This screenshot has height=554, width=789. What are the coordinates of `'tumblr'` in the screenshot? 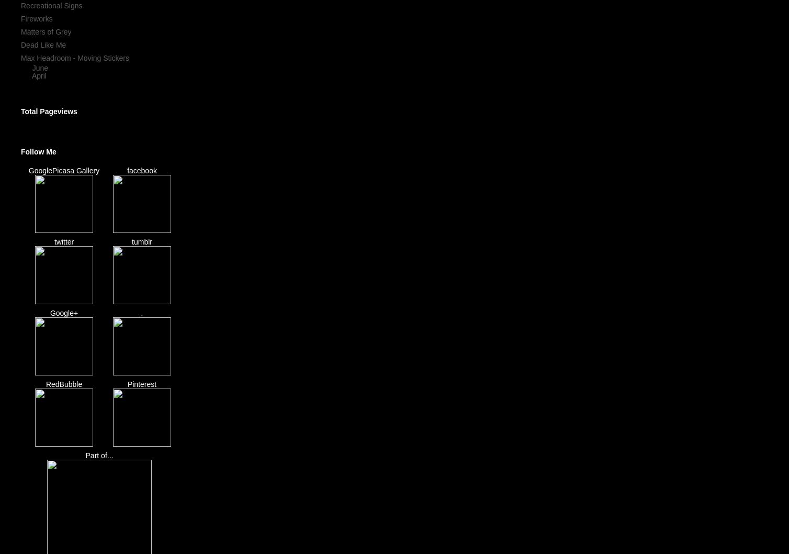 It's located at (131, 241).